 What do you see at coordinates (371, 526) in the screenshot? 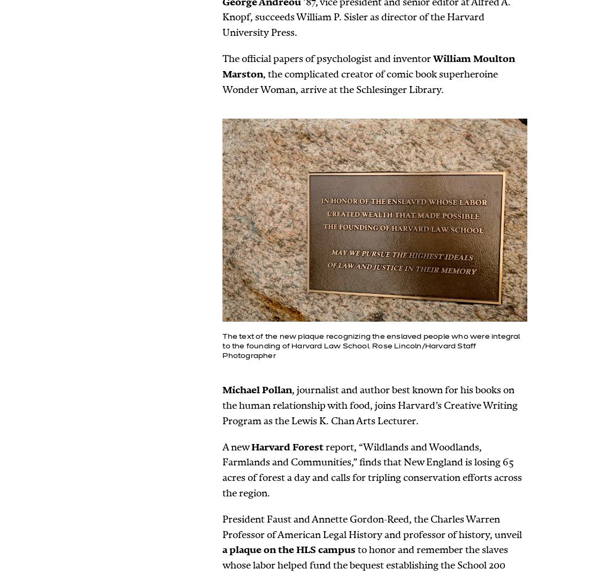
I see `'President Faust and Annette Gordon-Reed, the Charles Warren Professor of American Legal History and professor of history, unveil'` at bounding box center [371, 526].